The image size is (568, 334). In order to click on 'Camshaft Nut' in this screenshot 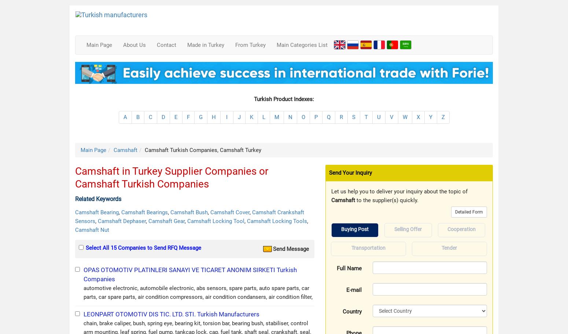, I will do `click(92, 230)`.